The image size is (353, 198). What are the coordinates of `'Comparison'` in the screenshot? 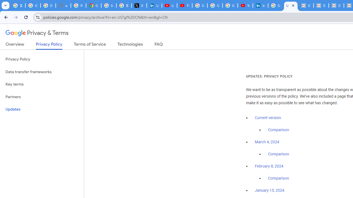 It's located at (278, 178).